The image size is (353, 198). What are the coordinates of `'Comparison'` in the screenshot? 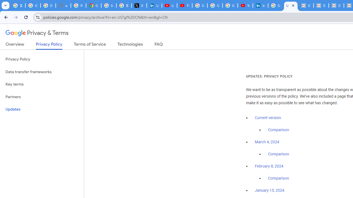 It's located at (278, 178).